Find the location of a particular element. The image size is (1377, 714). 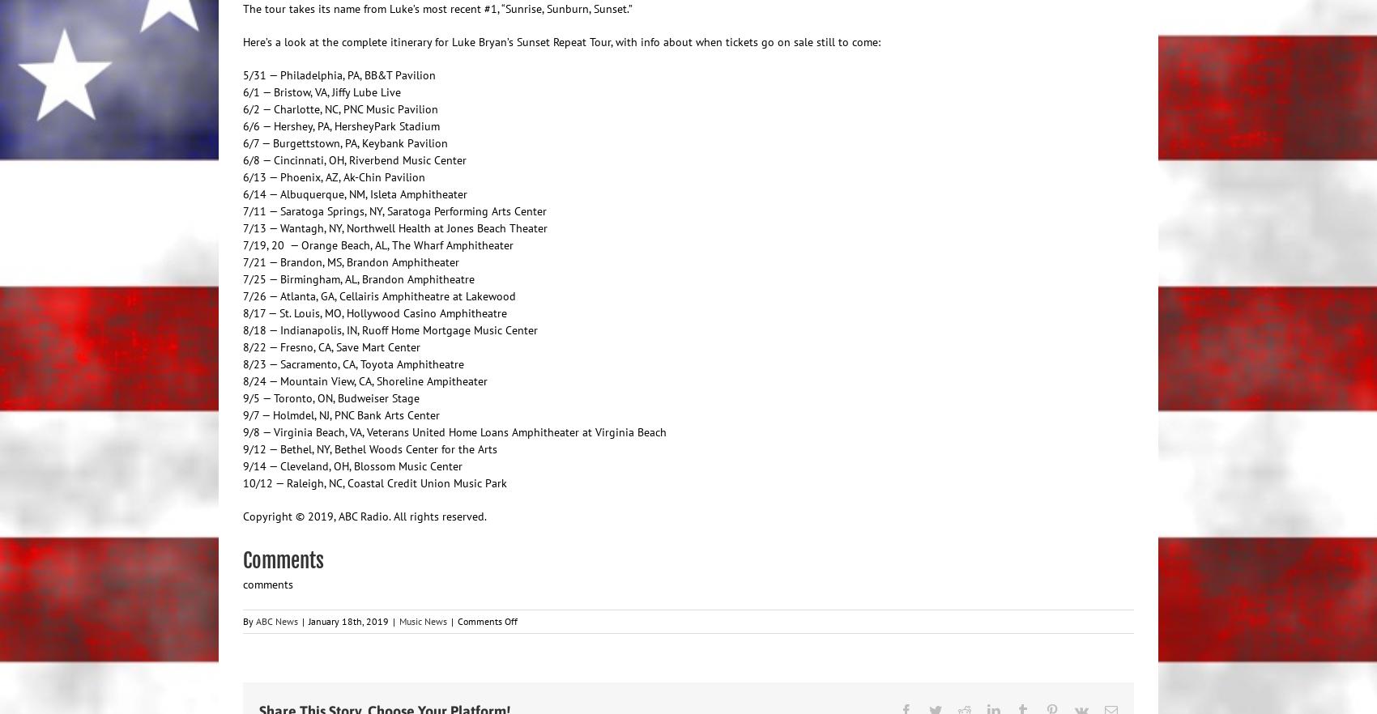

'Copyright © 2019, ABC Radio. All rights reserved.' is located at coordinates (243, 516).